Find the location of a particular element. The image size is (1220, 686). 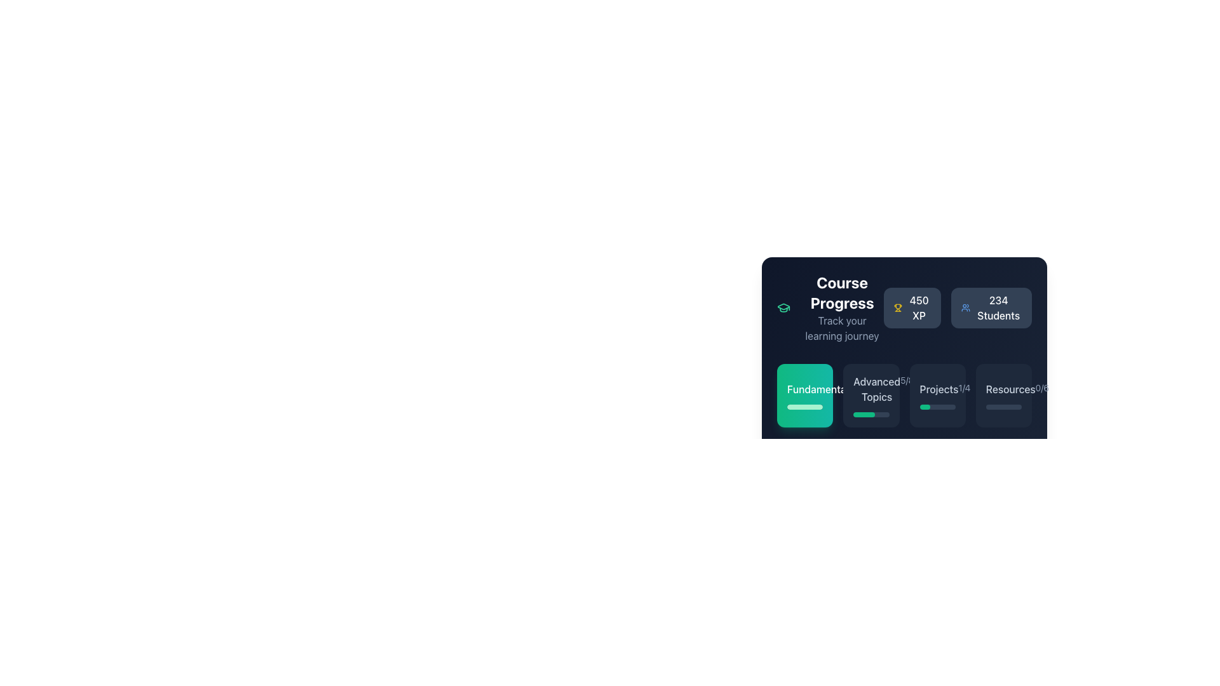

the text label indicating the course module 'Fundamentals', which shows that the user has completed all 5 tasks within this module, located in the 'Course Progress' section is located at coordinates (804, 389).